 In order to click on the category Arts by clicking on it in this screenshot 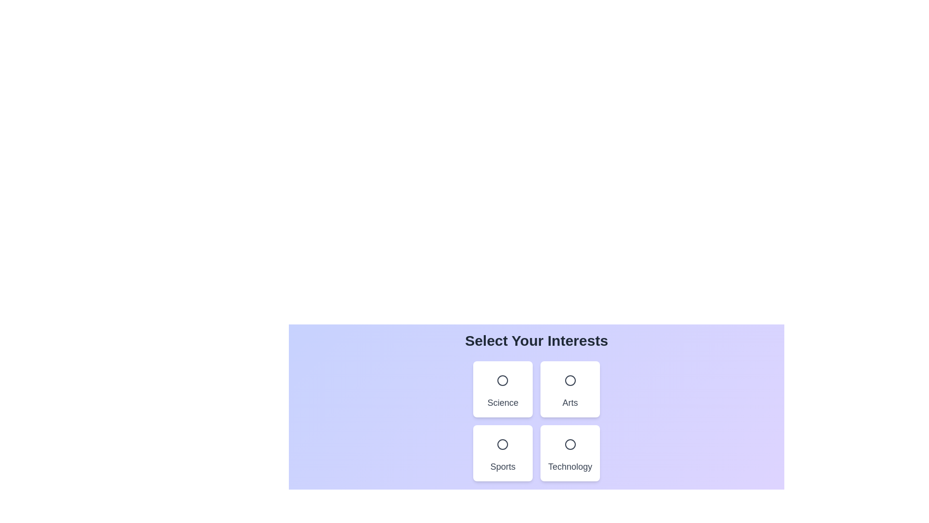, I will do `click(569, 388)`.